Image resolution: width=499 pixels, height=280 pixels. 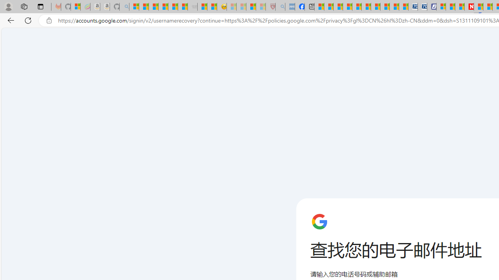 What do you see at coordinates (412, 7) in the screenshot?
I see `'Cheap Car Rentals - Save70.com'` at bounding box center [412, 7].